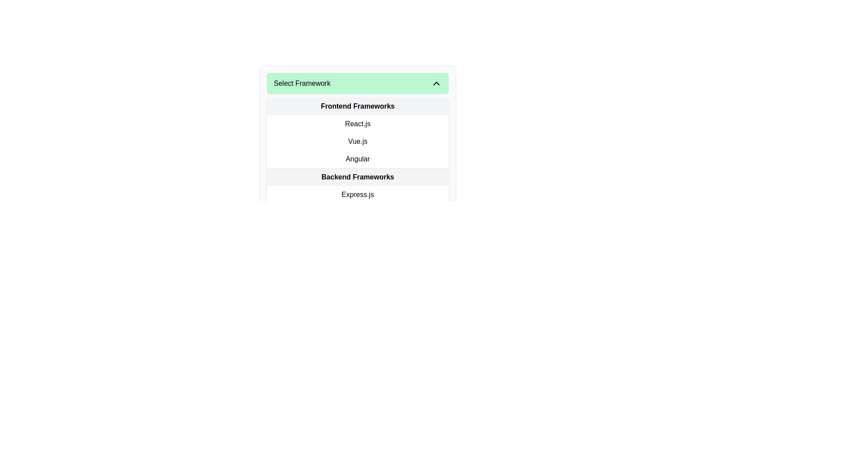  Describe the element at coordinates (358, 106) in the screenshot. I see `the 'Frontend Frameworks' section header, which is a rectangular UI component with a light gray background and bold black text, positioned below the 'Select Framework' dropdown` at that location.